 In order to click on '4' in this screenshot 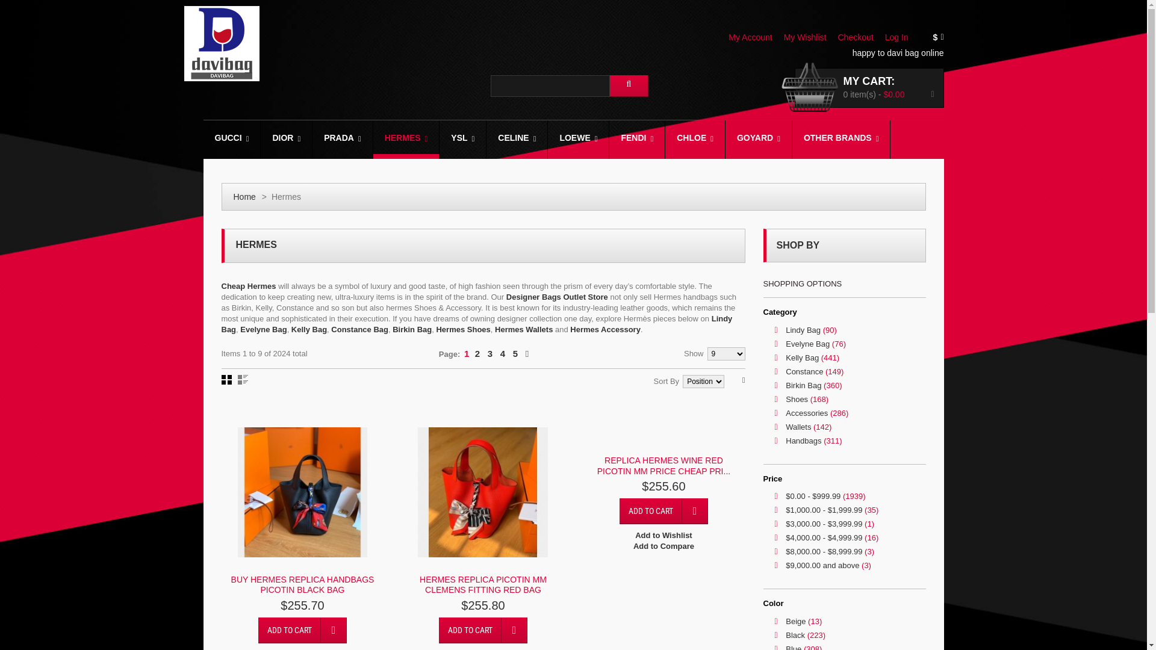, I will do `click(503, 353)`.